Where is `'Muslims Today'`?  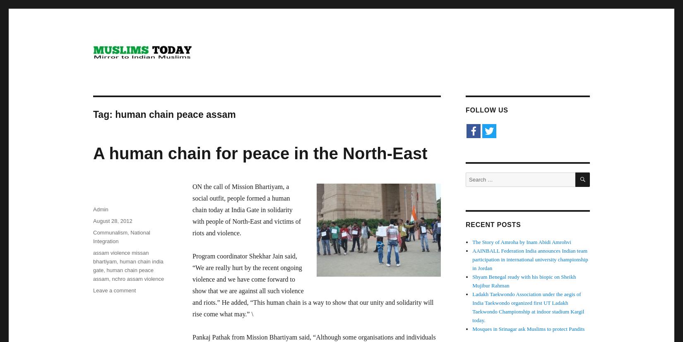
'Muslims Today' is located at coordinates (135, 73).